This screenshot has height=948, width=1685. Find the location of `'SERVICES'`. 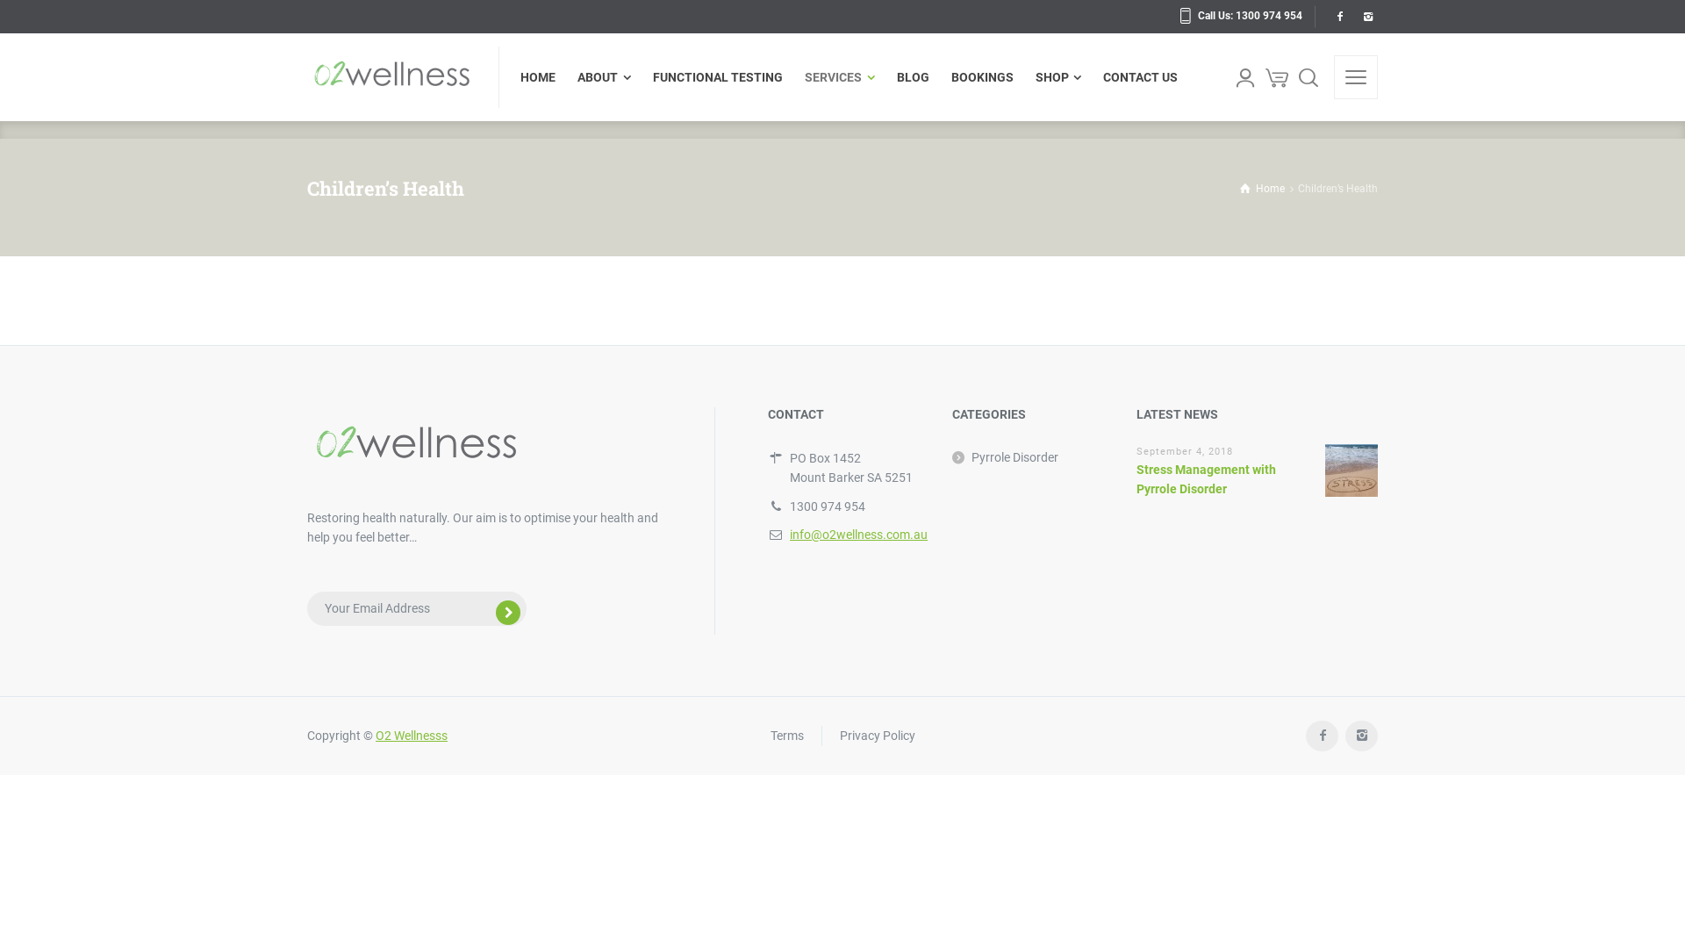

'SERVICES' is located at coordinates (839, 76).